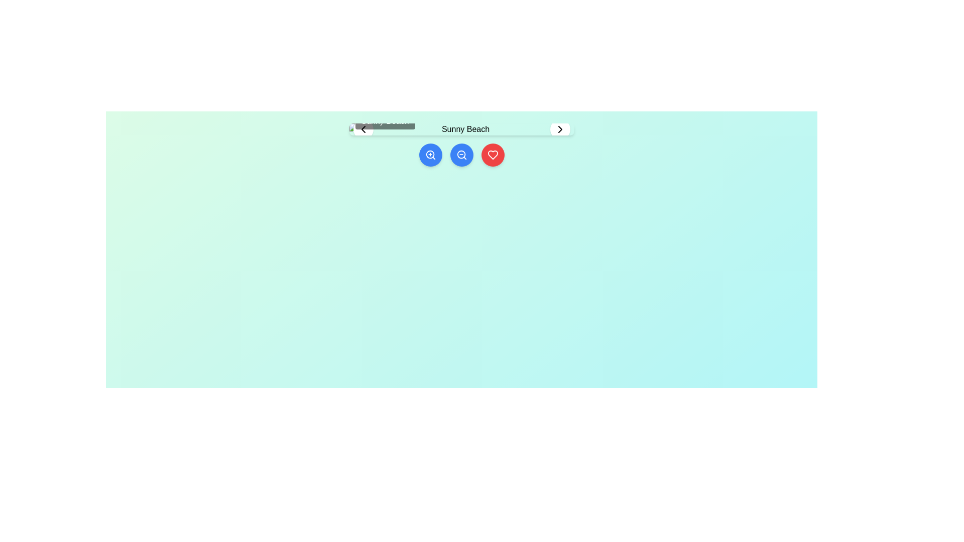  What do you see at coordinates (493, 155) in the screenshot?
I see `the circular red button with a white heart icon` at bounding box center [493, 155].